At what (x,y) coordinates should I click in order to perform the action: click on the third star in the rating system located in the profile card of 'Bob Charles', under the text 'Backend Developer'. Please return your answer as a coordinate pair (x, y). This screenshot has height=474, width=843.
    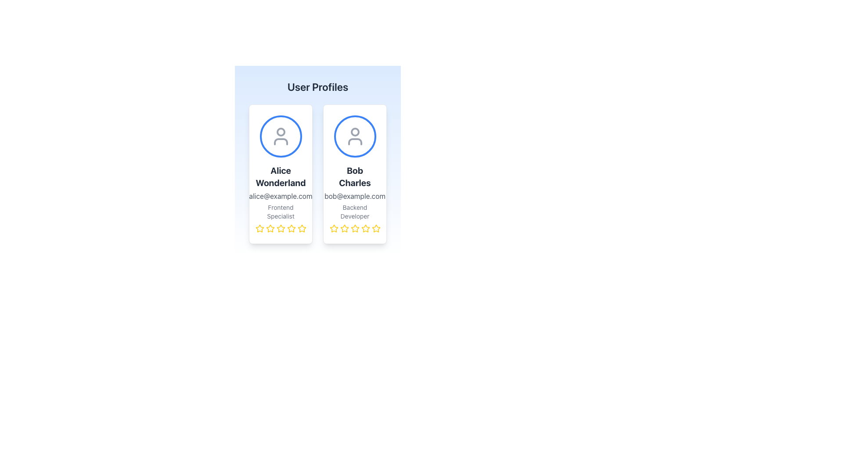
    Looking at the image, I should click on (344, 228).